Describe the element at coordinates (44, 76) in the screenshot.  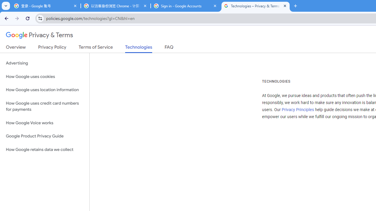
I see `'How Google uses cookies'` at that location.